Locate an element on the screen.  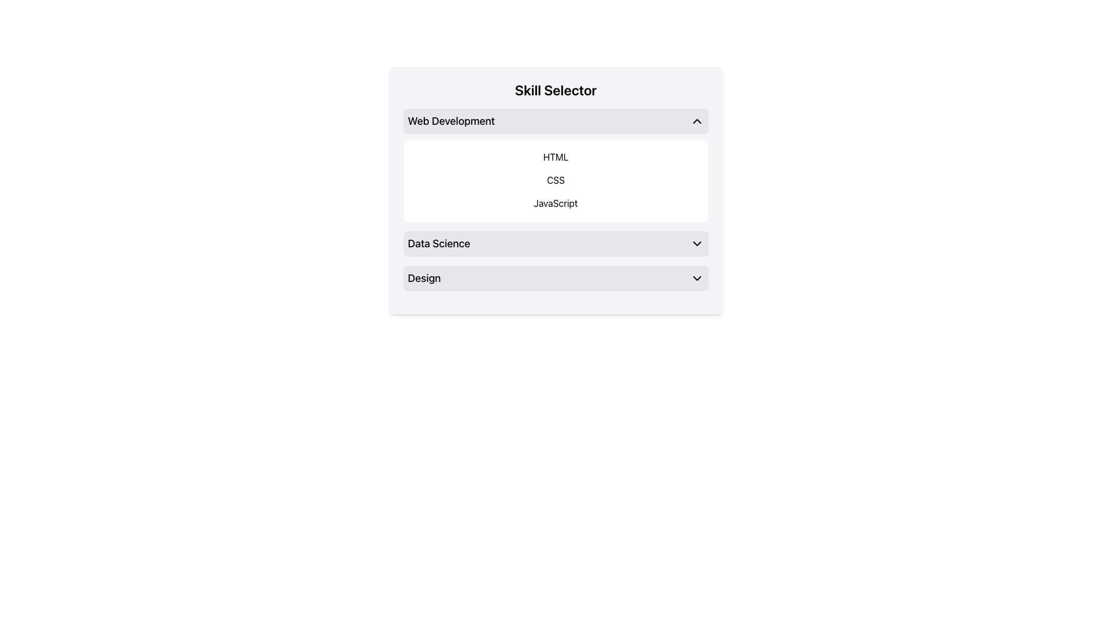
the upward-pointing chevron icon is located at coordinates (696, 121).